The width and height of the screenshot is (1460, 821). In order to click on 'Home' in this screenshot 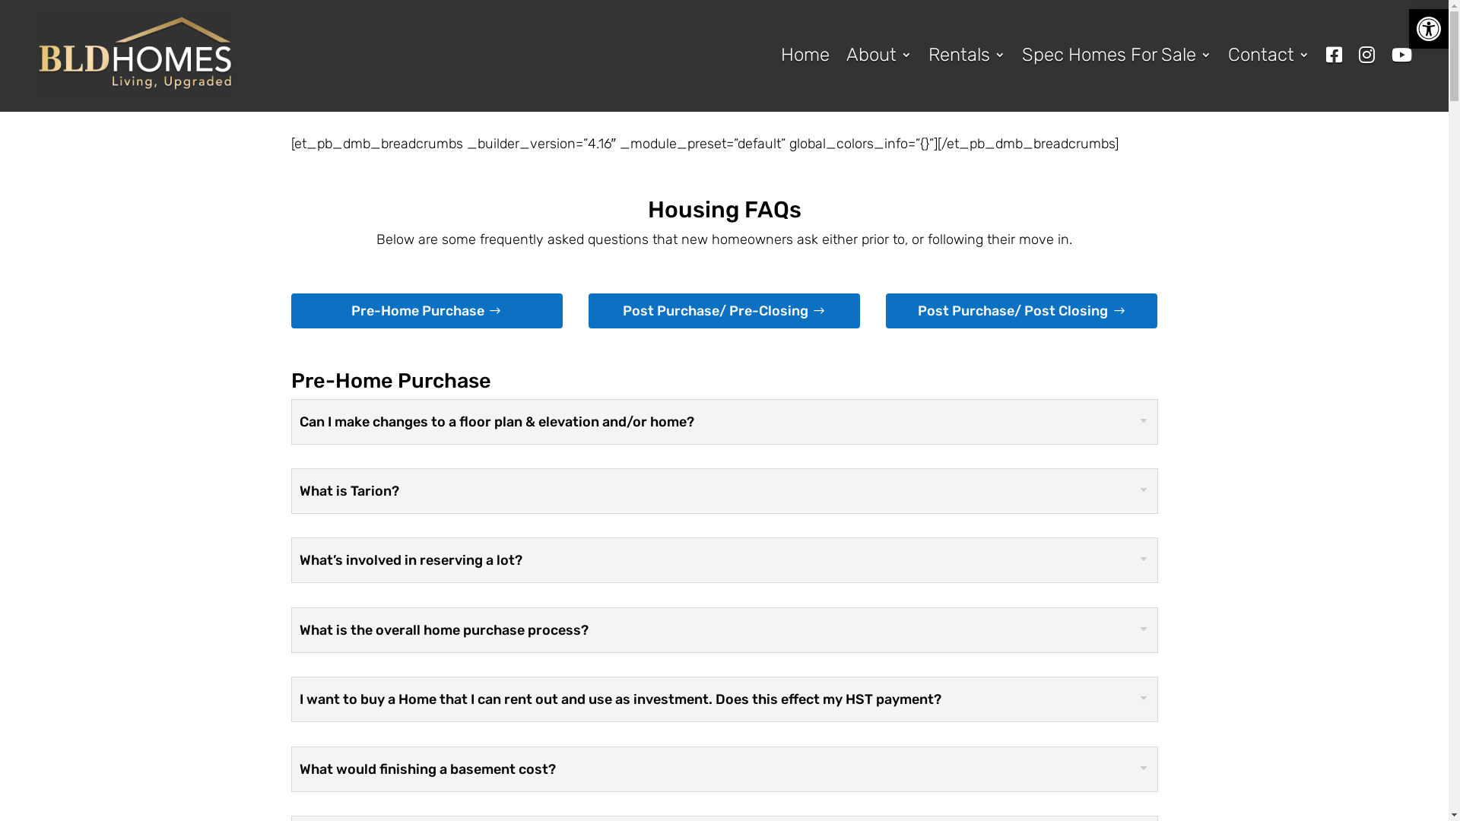, I will do `click(805, 54)`.